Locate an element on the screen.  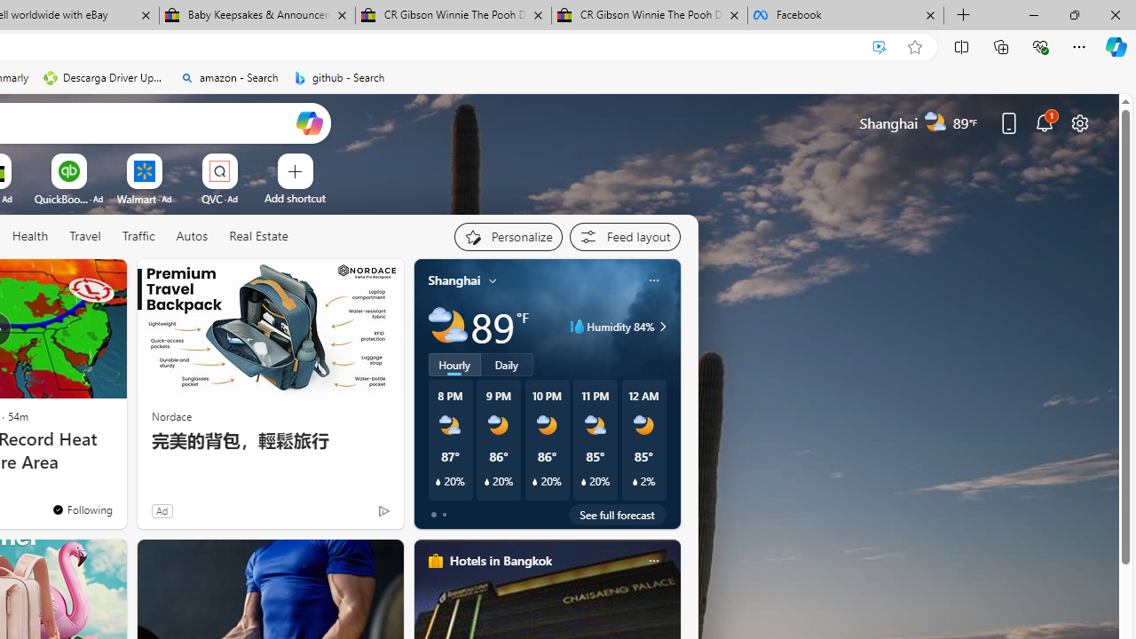
'Add a site' is located at coordinates (295, 198).